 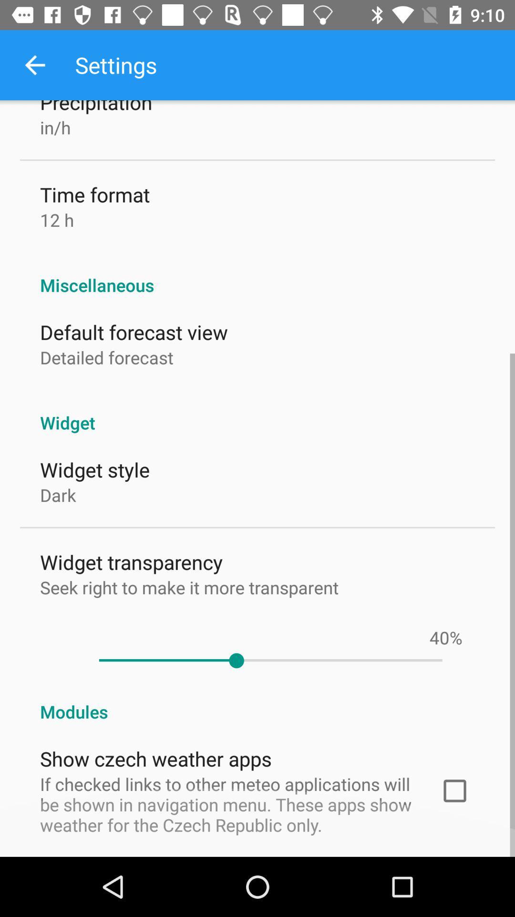 I want to click on the app next to settings, so click(x=34, y=64).